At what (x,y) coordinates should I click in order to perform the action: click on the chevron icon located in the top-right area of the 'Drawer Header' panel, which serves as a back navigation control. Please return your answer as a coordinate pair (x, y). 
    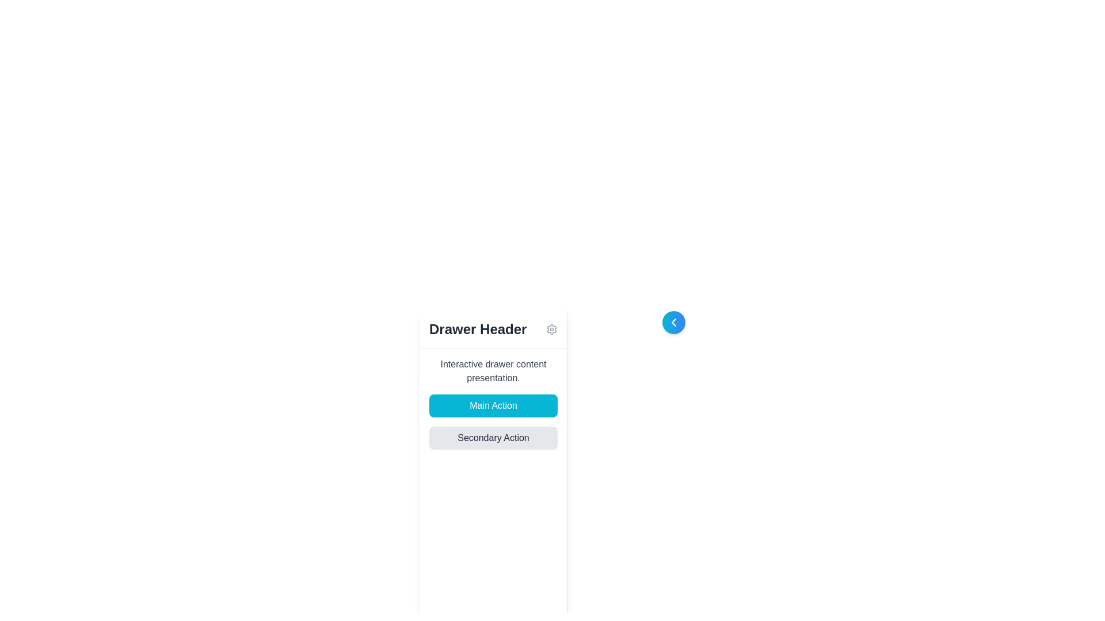
    Looking at the image, I should click on (673, 322).